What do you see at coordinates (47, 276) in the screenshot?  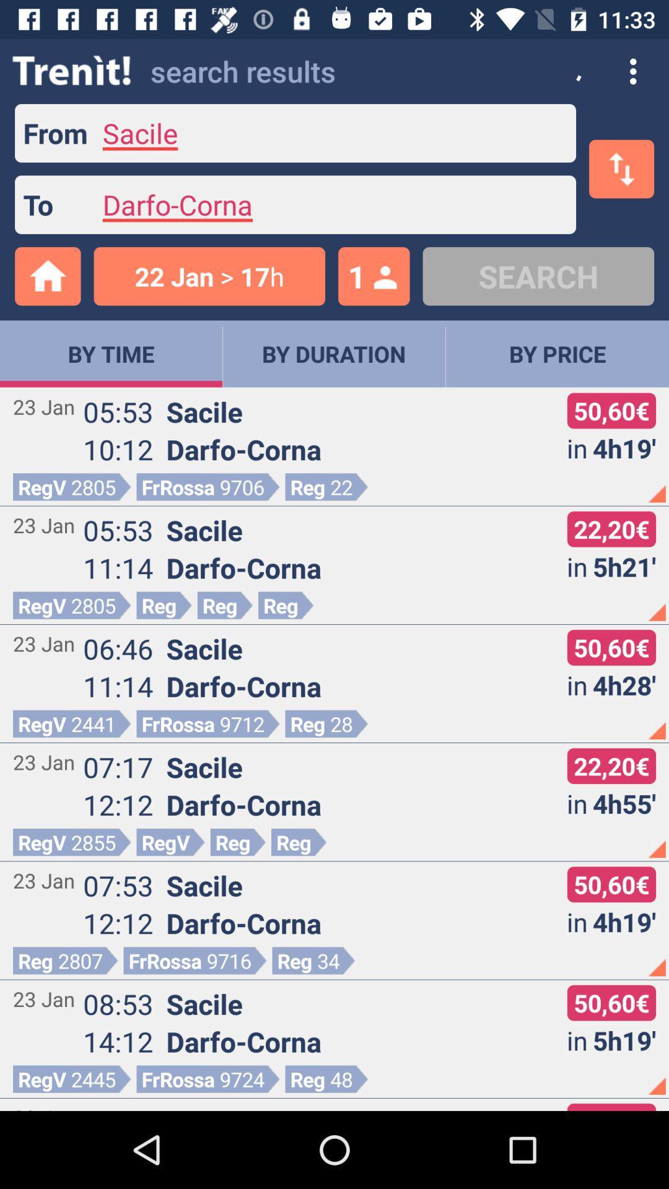 I see `the home icon` at bounding box center [47, 276].